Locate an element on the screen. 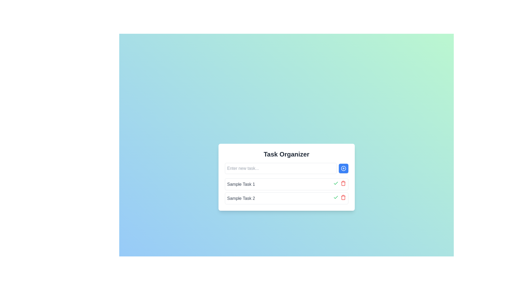 The height and width of the screenshot is (287, 511). the circular blue button with a white '+' icon, which is located to the right of the 'Enter new task...' input box in the task organizer form is located at coordinates (343, 168).